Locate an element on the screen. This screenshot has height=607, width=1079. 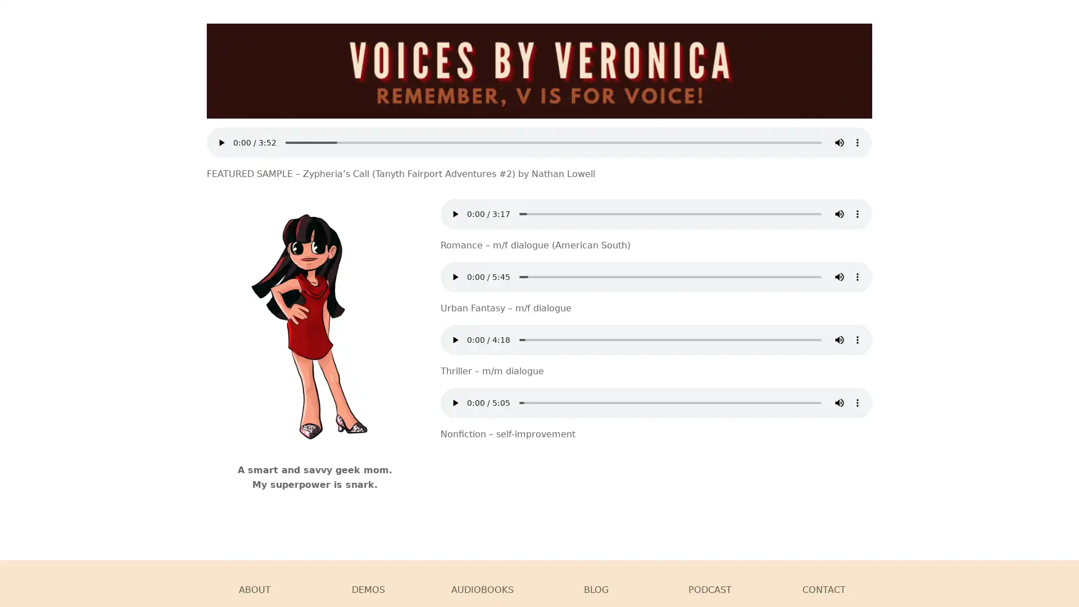
mute is located at coordinates (839, 142).